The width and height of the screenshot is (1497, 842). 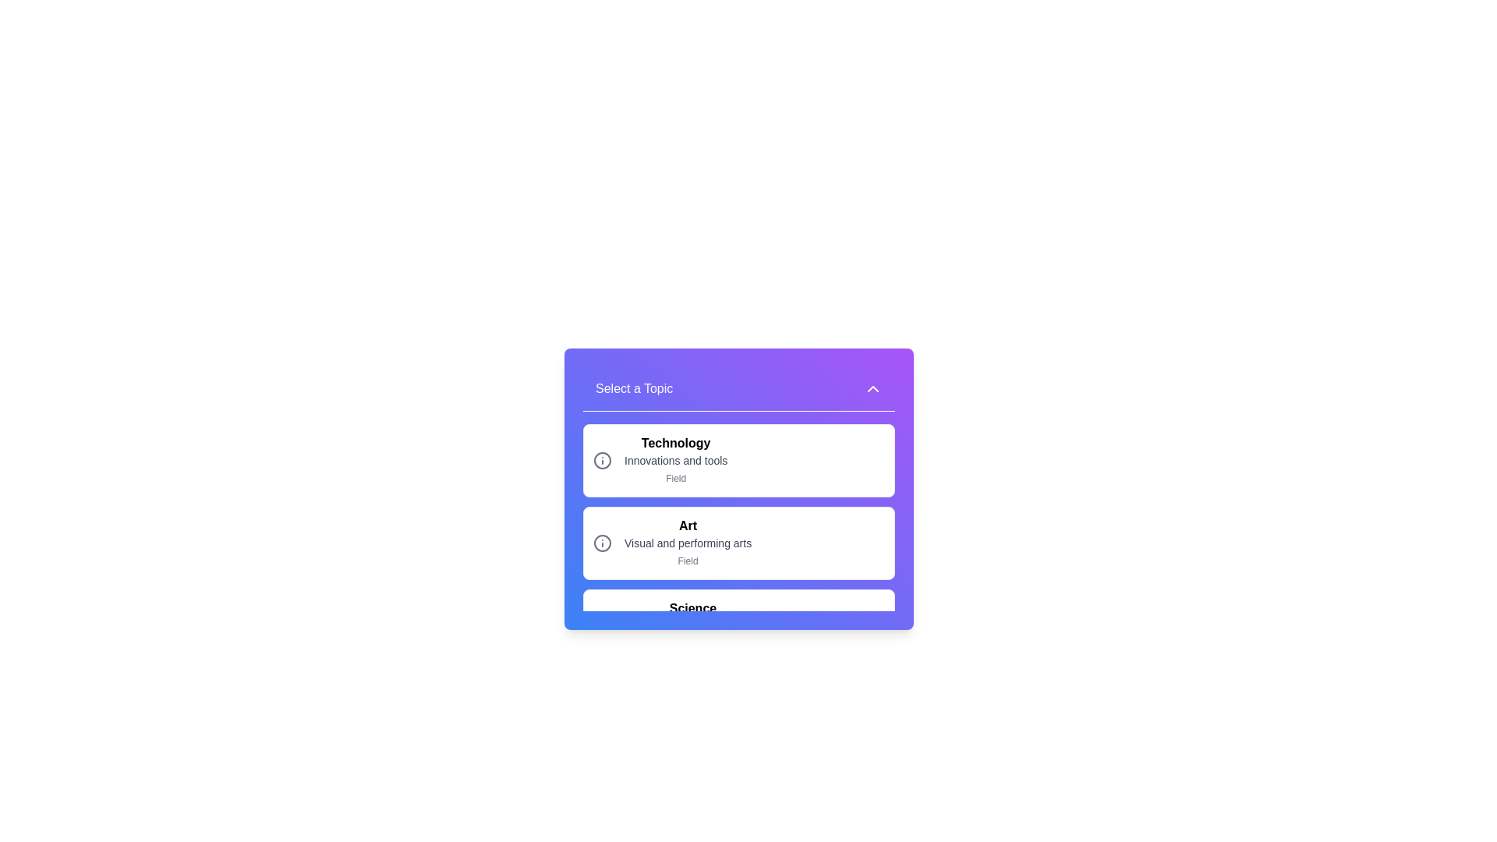 I want to click on the uppermost Descriptive card in the selection list under the 'Select a Topic' header, so click(x=676, y=459).